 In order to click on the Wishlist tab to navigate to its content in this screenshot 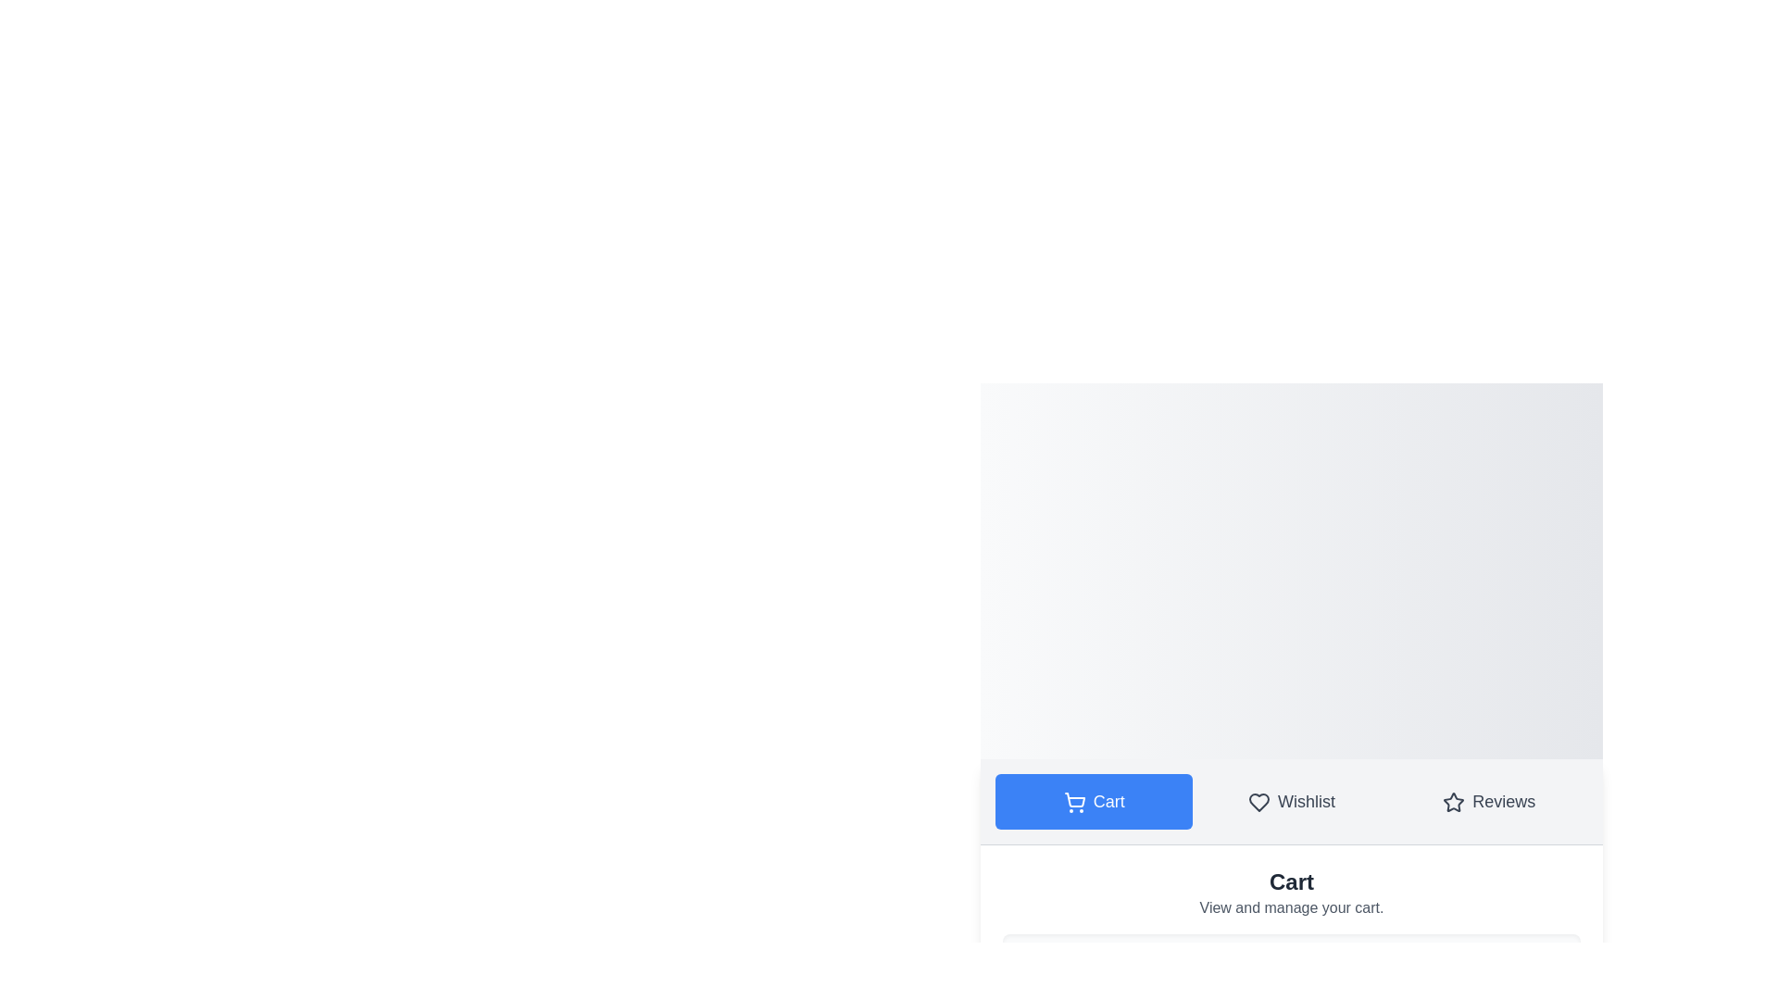, I will do `click(1291, 800)`.